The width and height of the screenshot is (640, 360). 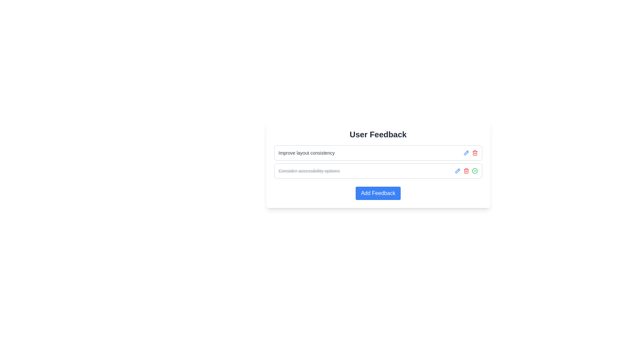 What do you see at coordinates (378, 193) in the screenshot?
I see `the rectangular button with a blue background and white text reading 'Add Feedback' located at the bottom center of the 'User Feedback' modal` at bounding box center [378, 193].